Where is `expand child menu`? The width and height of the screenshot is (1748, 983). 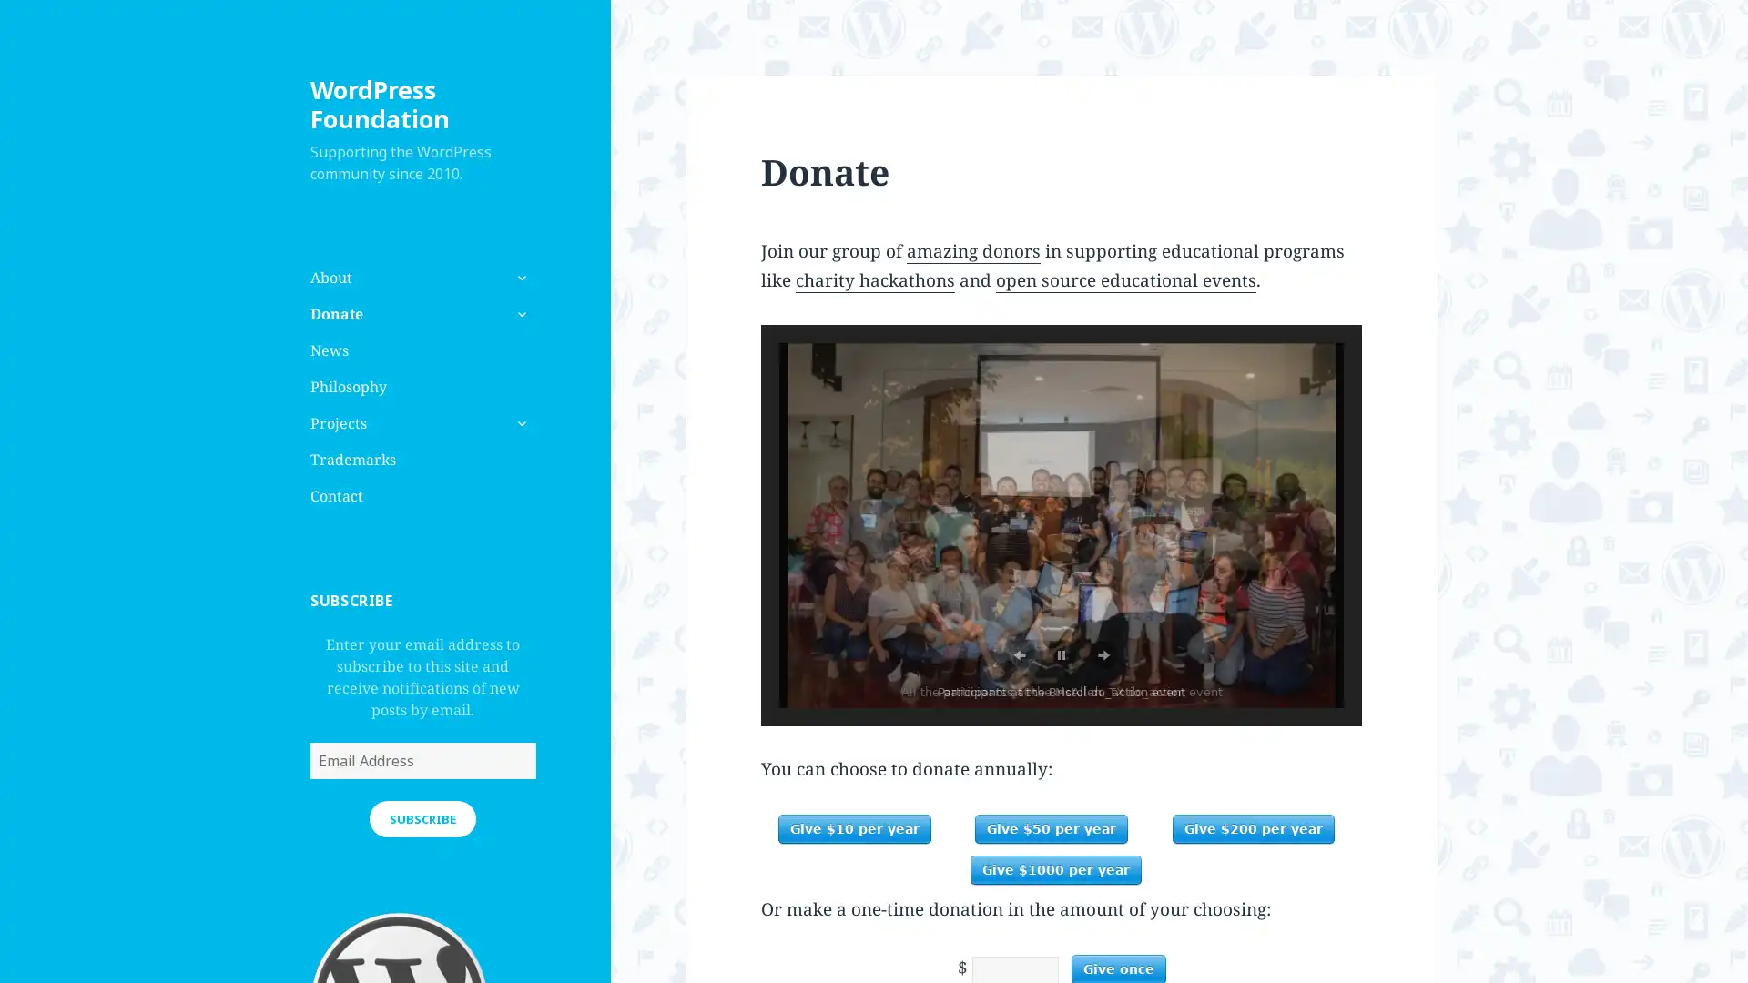
expand child menu is located at coordinates (519, 312).